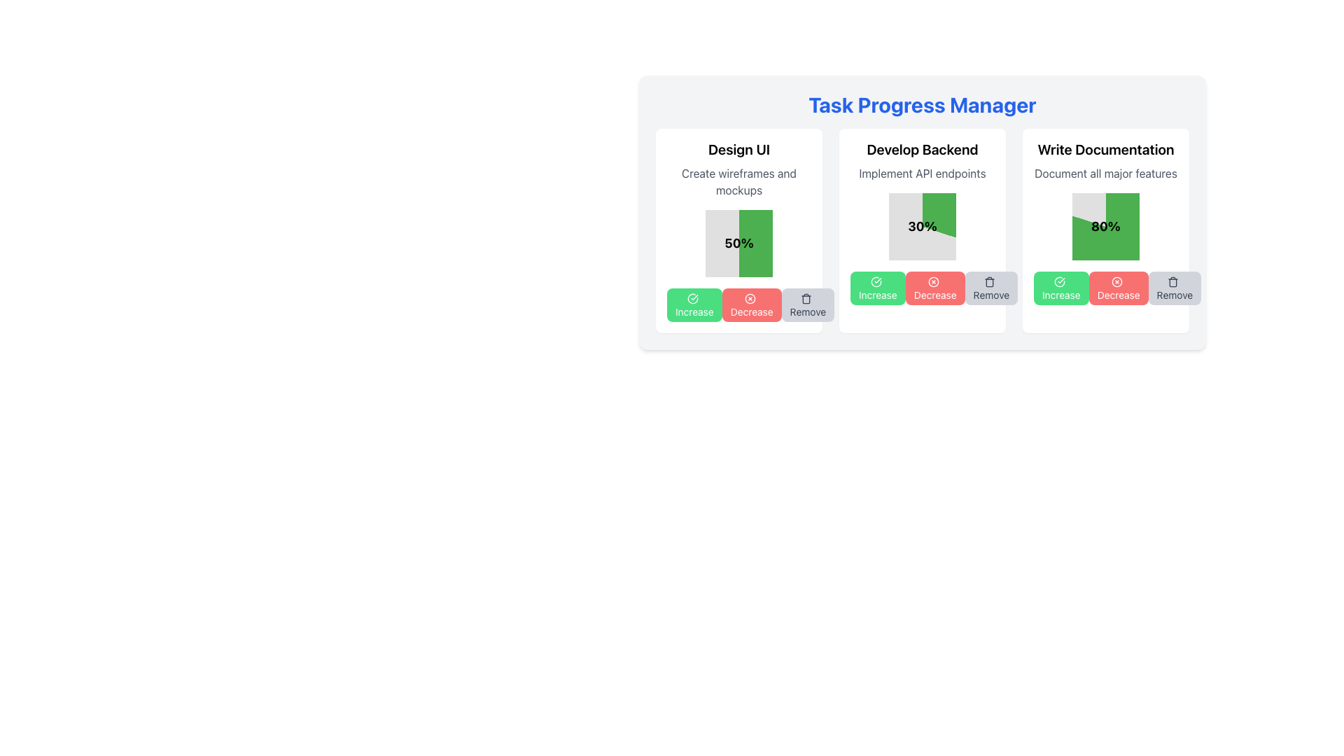 This screenshot has height=756, width=1344. What do you see at coordinates (876, 282) in the screenshot?
I see `the SVG icon representing a circular checkmark inside the green 'Increase' button located in the bottom-left section of the 'Develop Backend' panel in the 'Task Progress Manager' interface` at bounding box center [876, 282].